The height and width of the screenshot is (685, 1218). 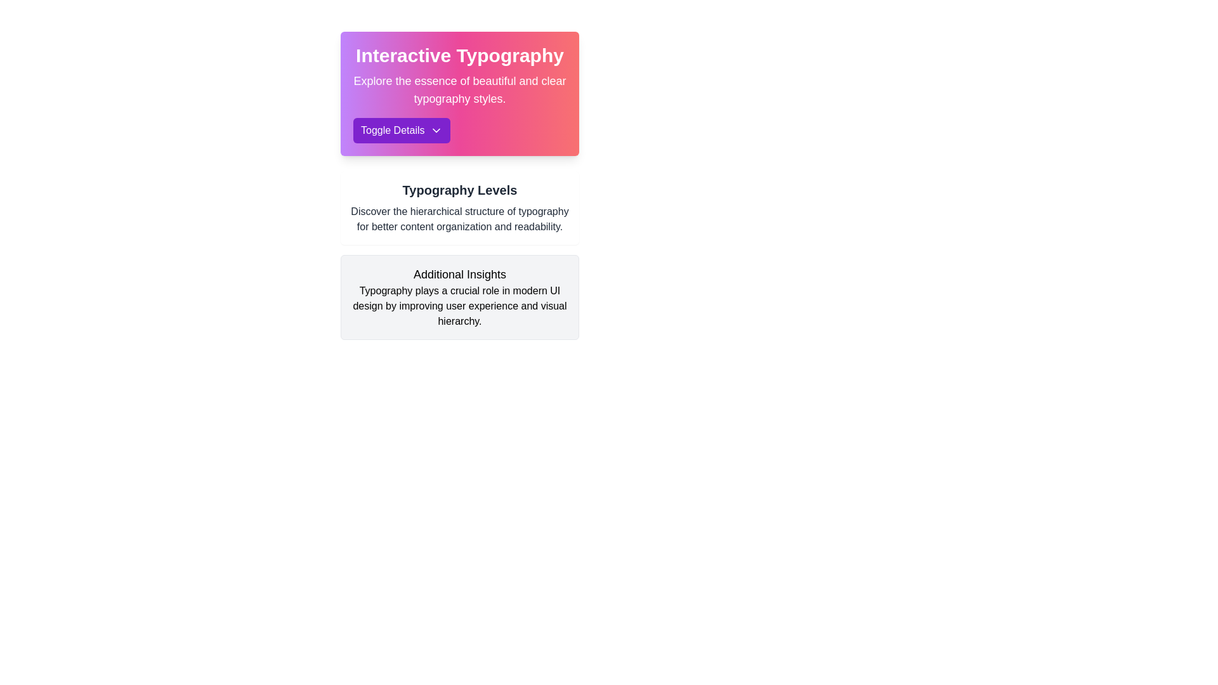 What do you see at coordinates (436, 130) in the screenshot?
I see `the downward-pointing chevron icon located to the right of the 'Toggle Details' text within the purple button` at bounding box center [436, 130].